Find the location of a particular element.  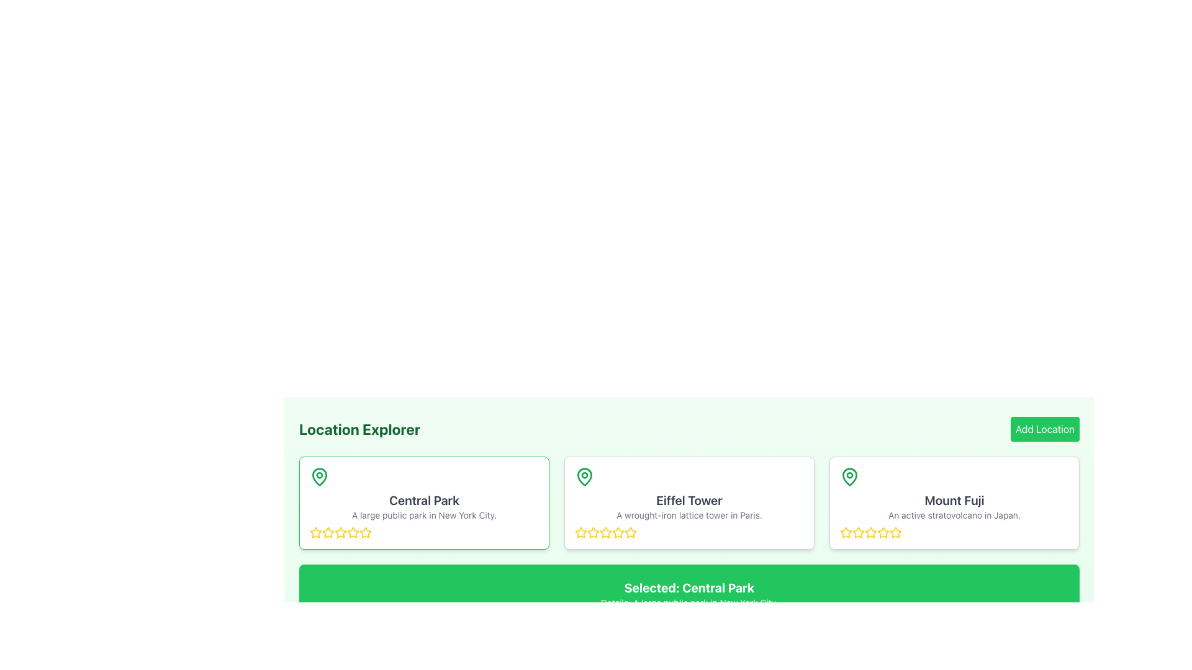

text displayed in the bold, large font labeled 'Central Park', which is centrally aligned and located in the first card under the 'Location Explorer' section is located at coordinates (424, 499).